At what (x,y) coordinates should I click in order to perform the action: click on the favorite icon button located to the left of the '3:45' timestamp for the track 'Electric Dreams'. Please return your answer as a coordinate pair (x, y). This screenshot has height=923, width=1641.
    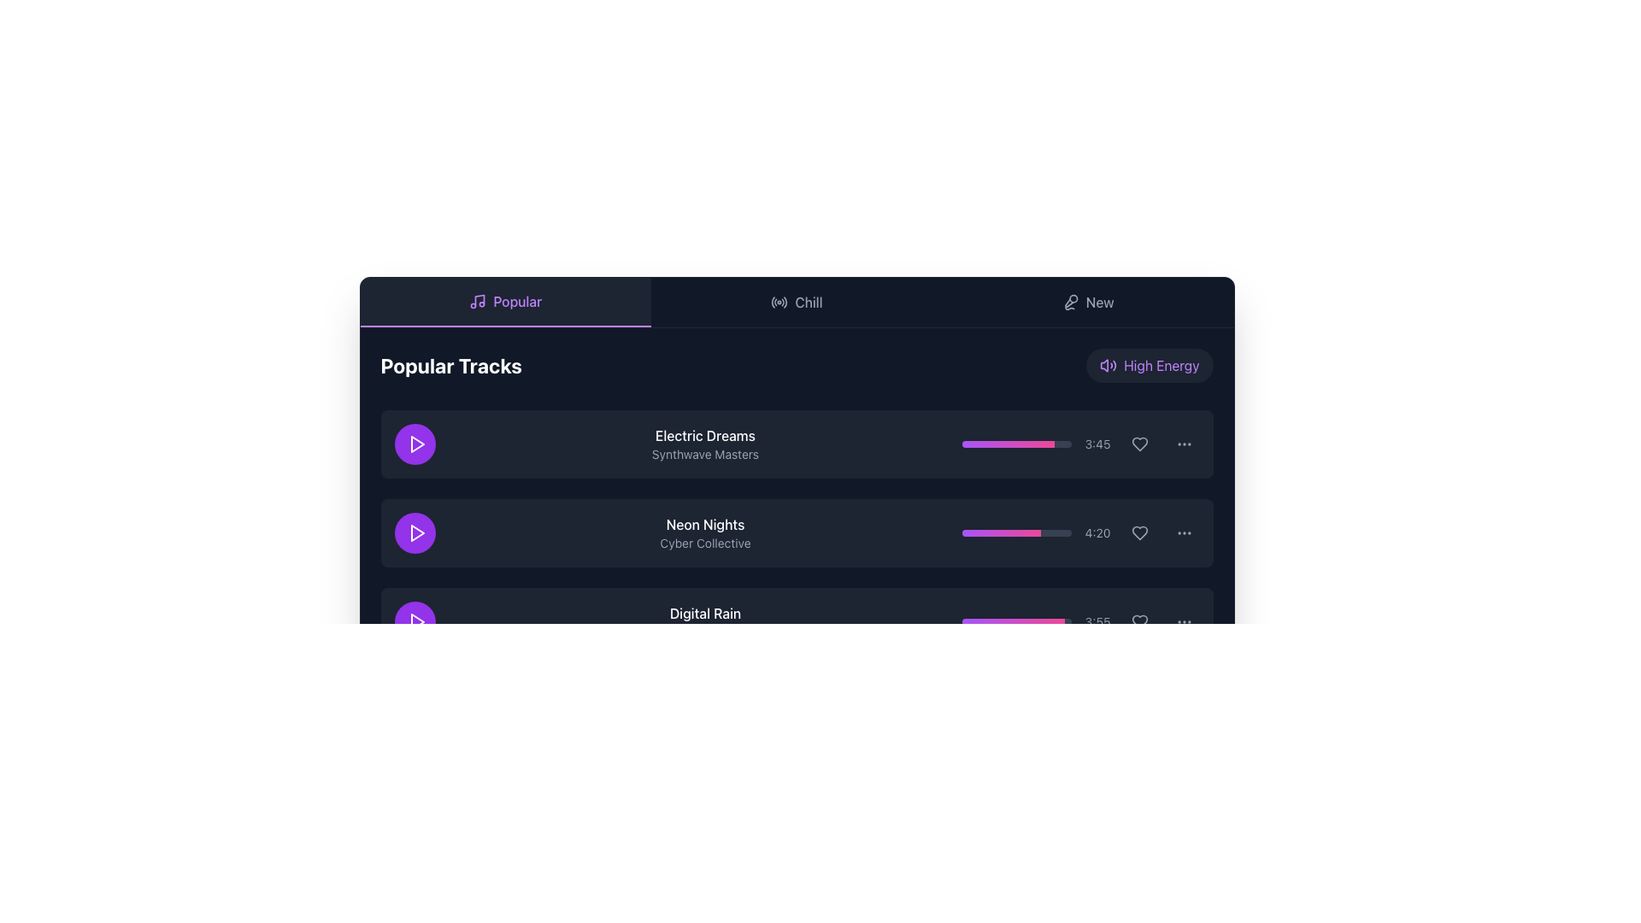
    Looking at the image, I should click on (1139, 444).